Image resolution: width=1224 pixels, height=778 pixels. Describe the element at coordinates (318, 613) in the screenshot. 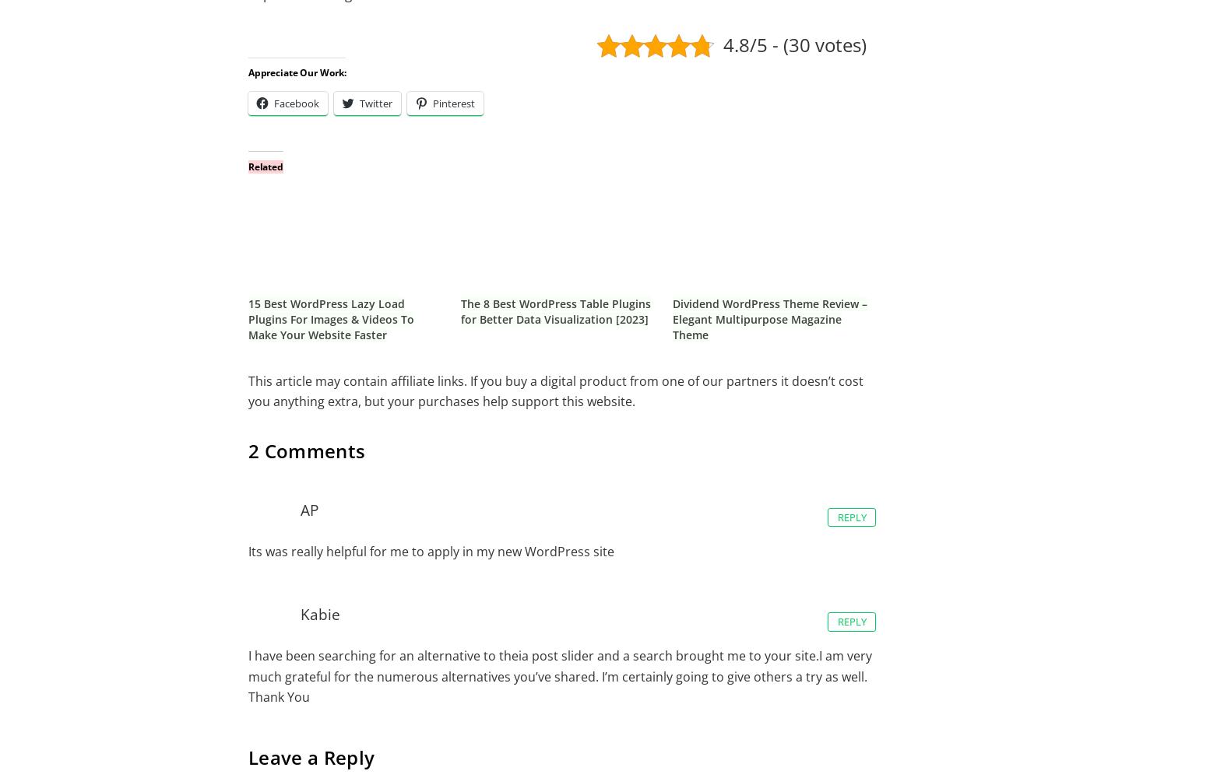

I see `'Kabie'` at that location.